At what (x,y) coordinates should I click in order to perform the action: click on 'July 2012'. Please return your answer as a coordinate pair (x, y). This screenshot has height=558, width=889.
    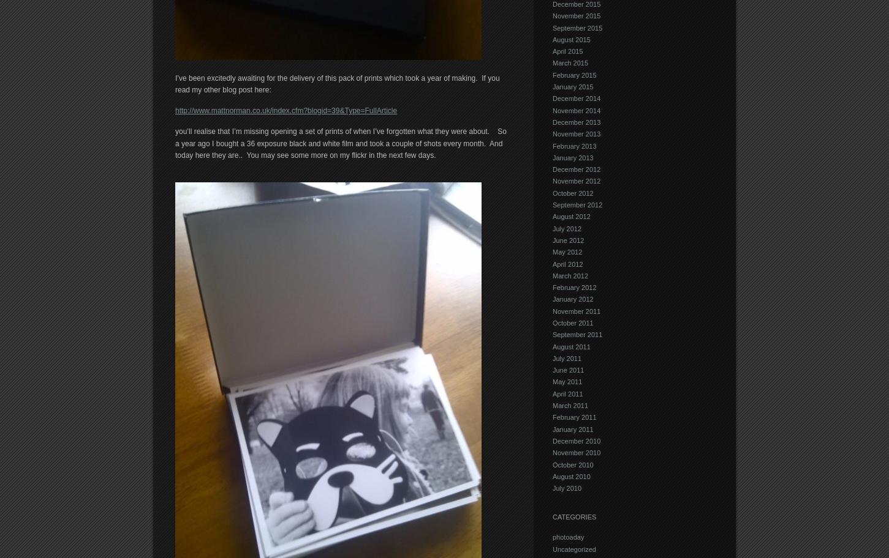
    Looking at the image, I should click on (567, 228).